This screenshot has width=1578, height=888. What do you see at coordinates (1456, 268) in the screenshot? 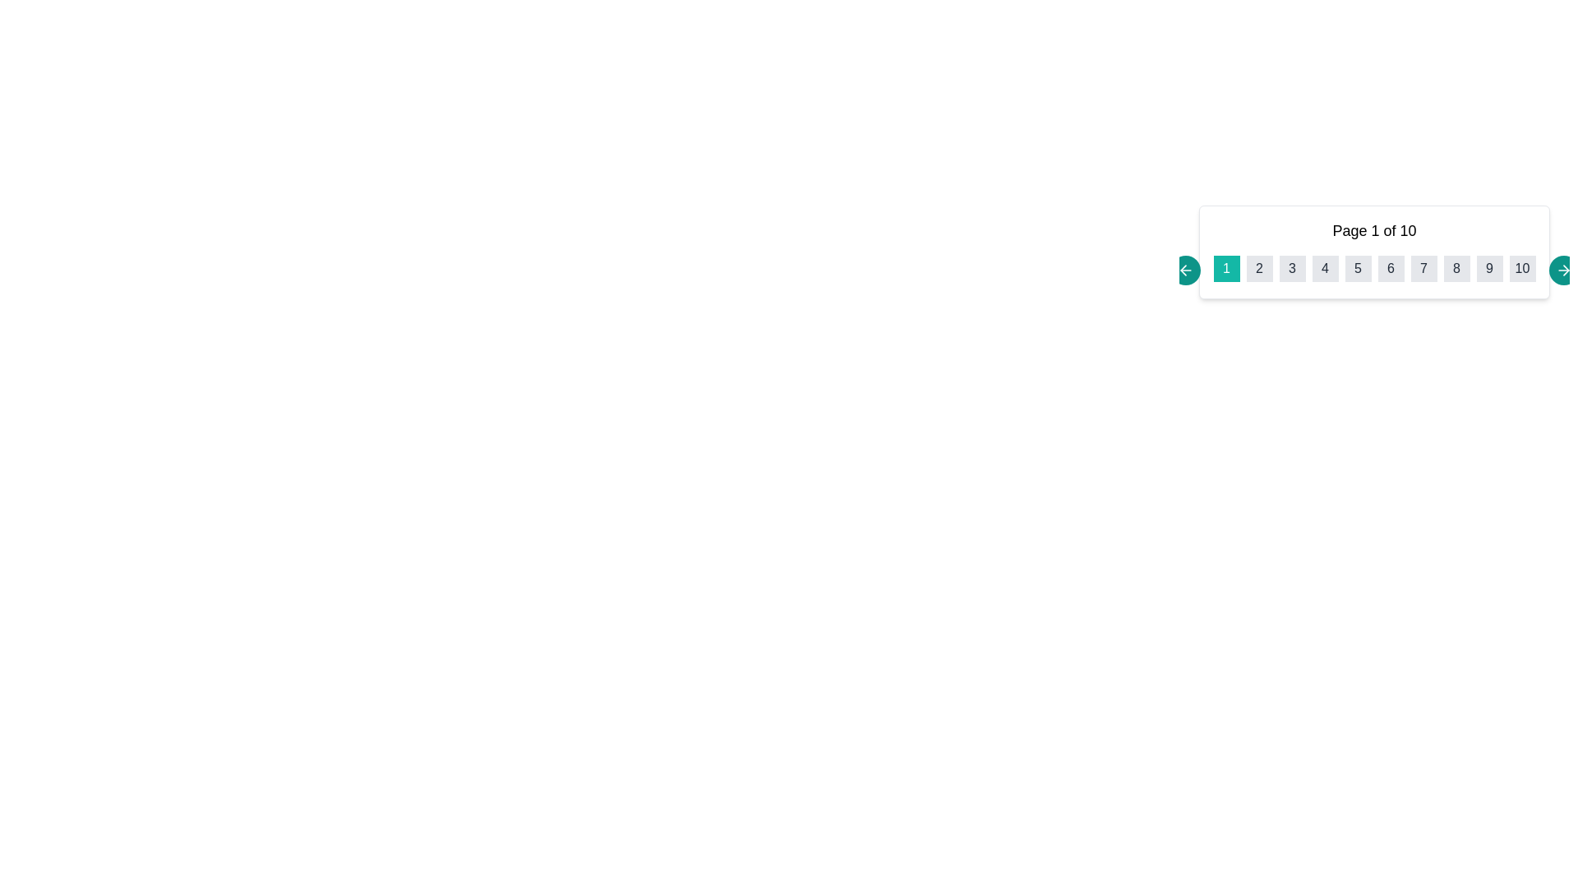
I see `the small square button with a light gray background and the number '8' in dark gray text` at bounding box center [1456, 268].